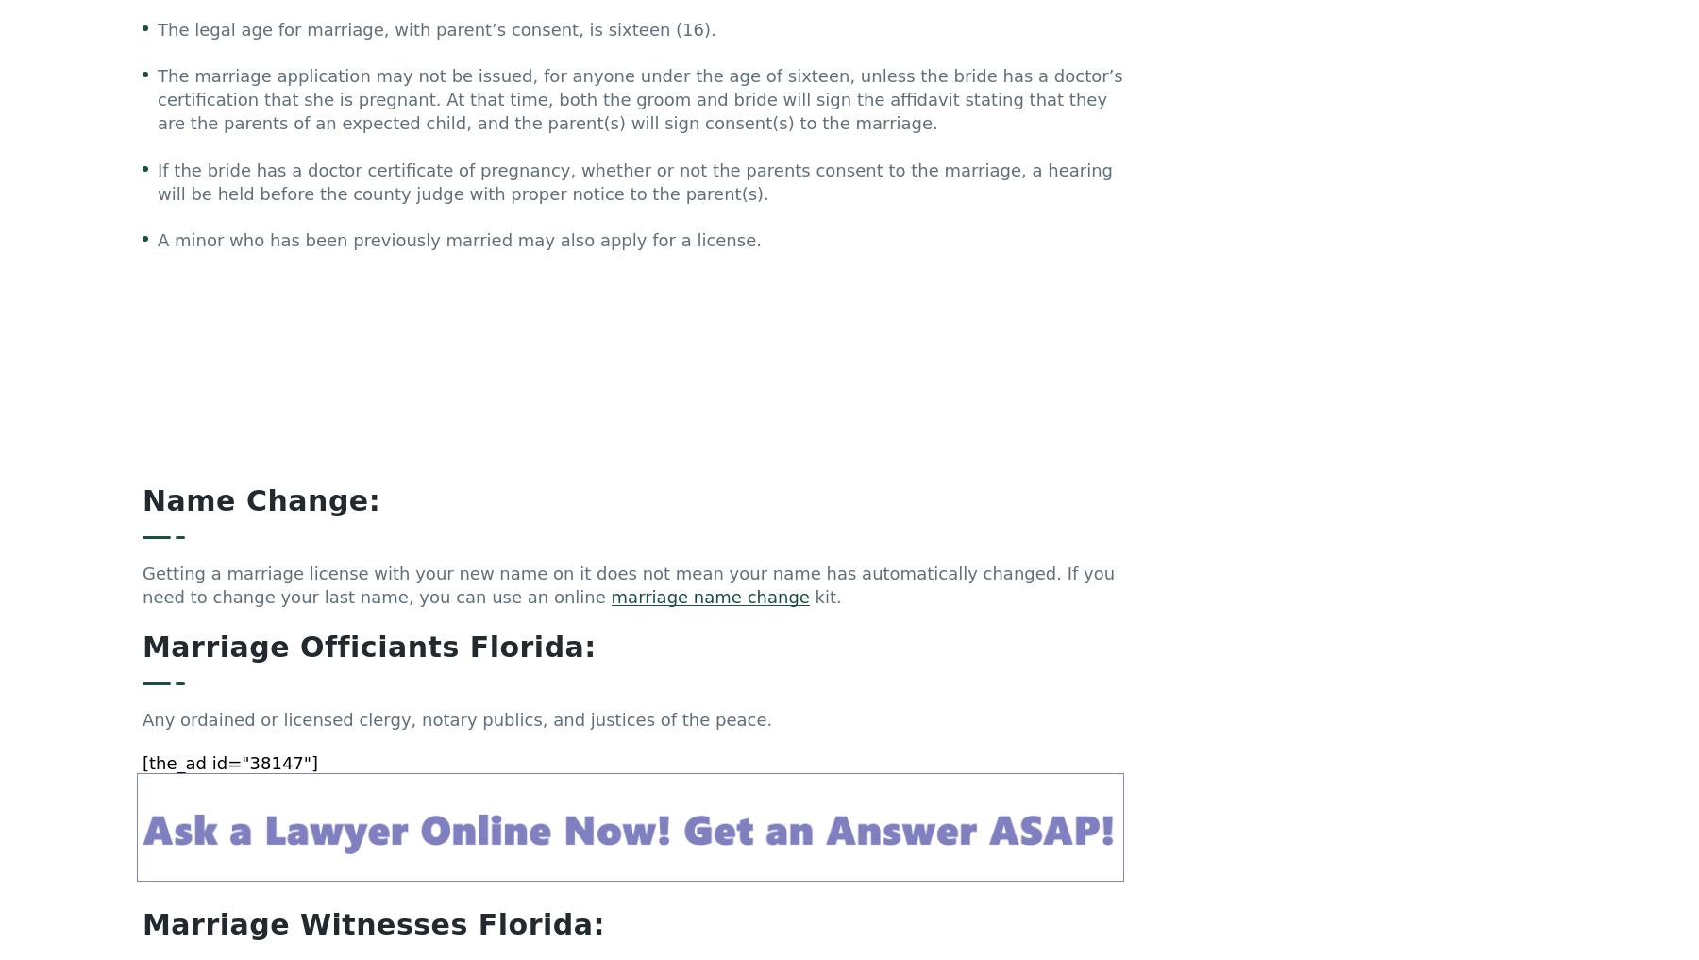 This screenshot has width=1699, height=960. What do you see at coordinates (825, 228) in the screenshot?
I see `'kit.'` at bounding box center [825, 228].